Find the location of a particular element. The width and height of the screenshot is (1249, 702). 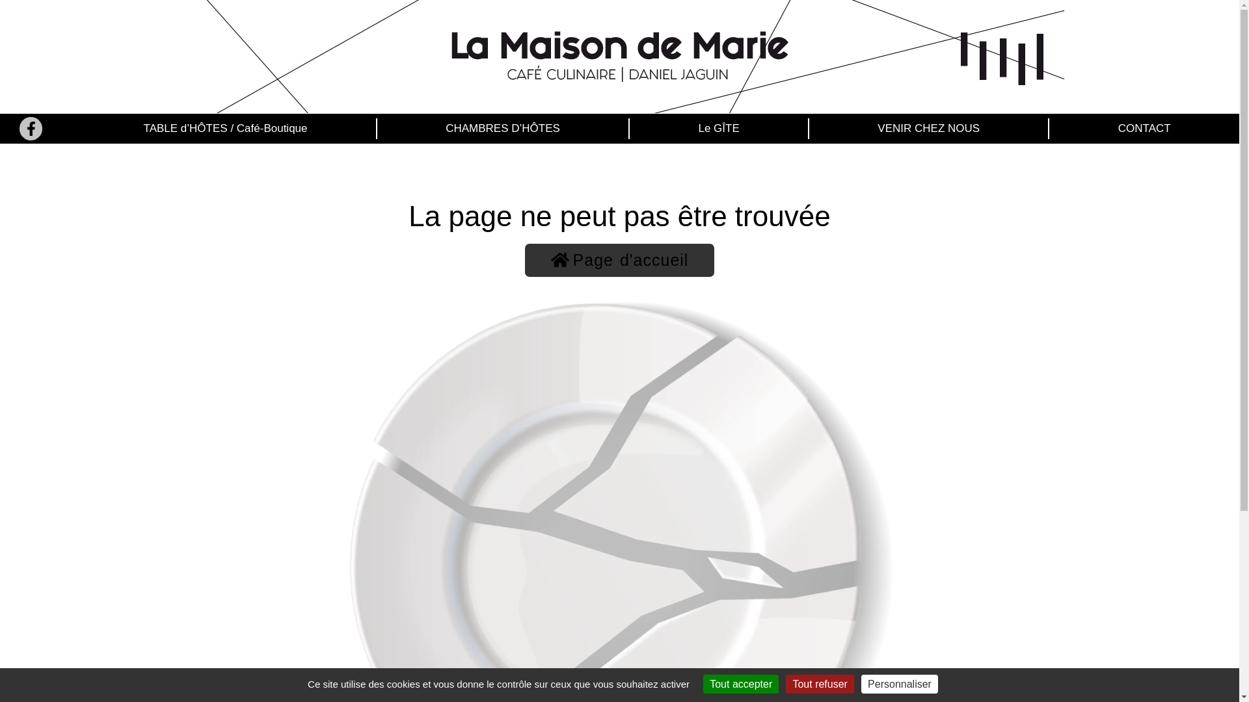

'Tout accepter' is located at coordinates (740, 683).